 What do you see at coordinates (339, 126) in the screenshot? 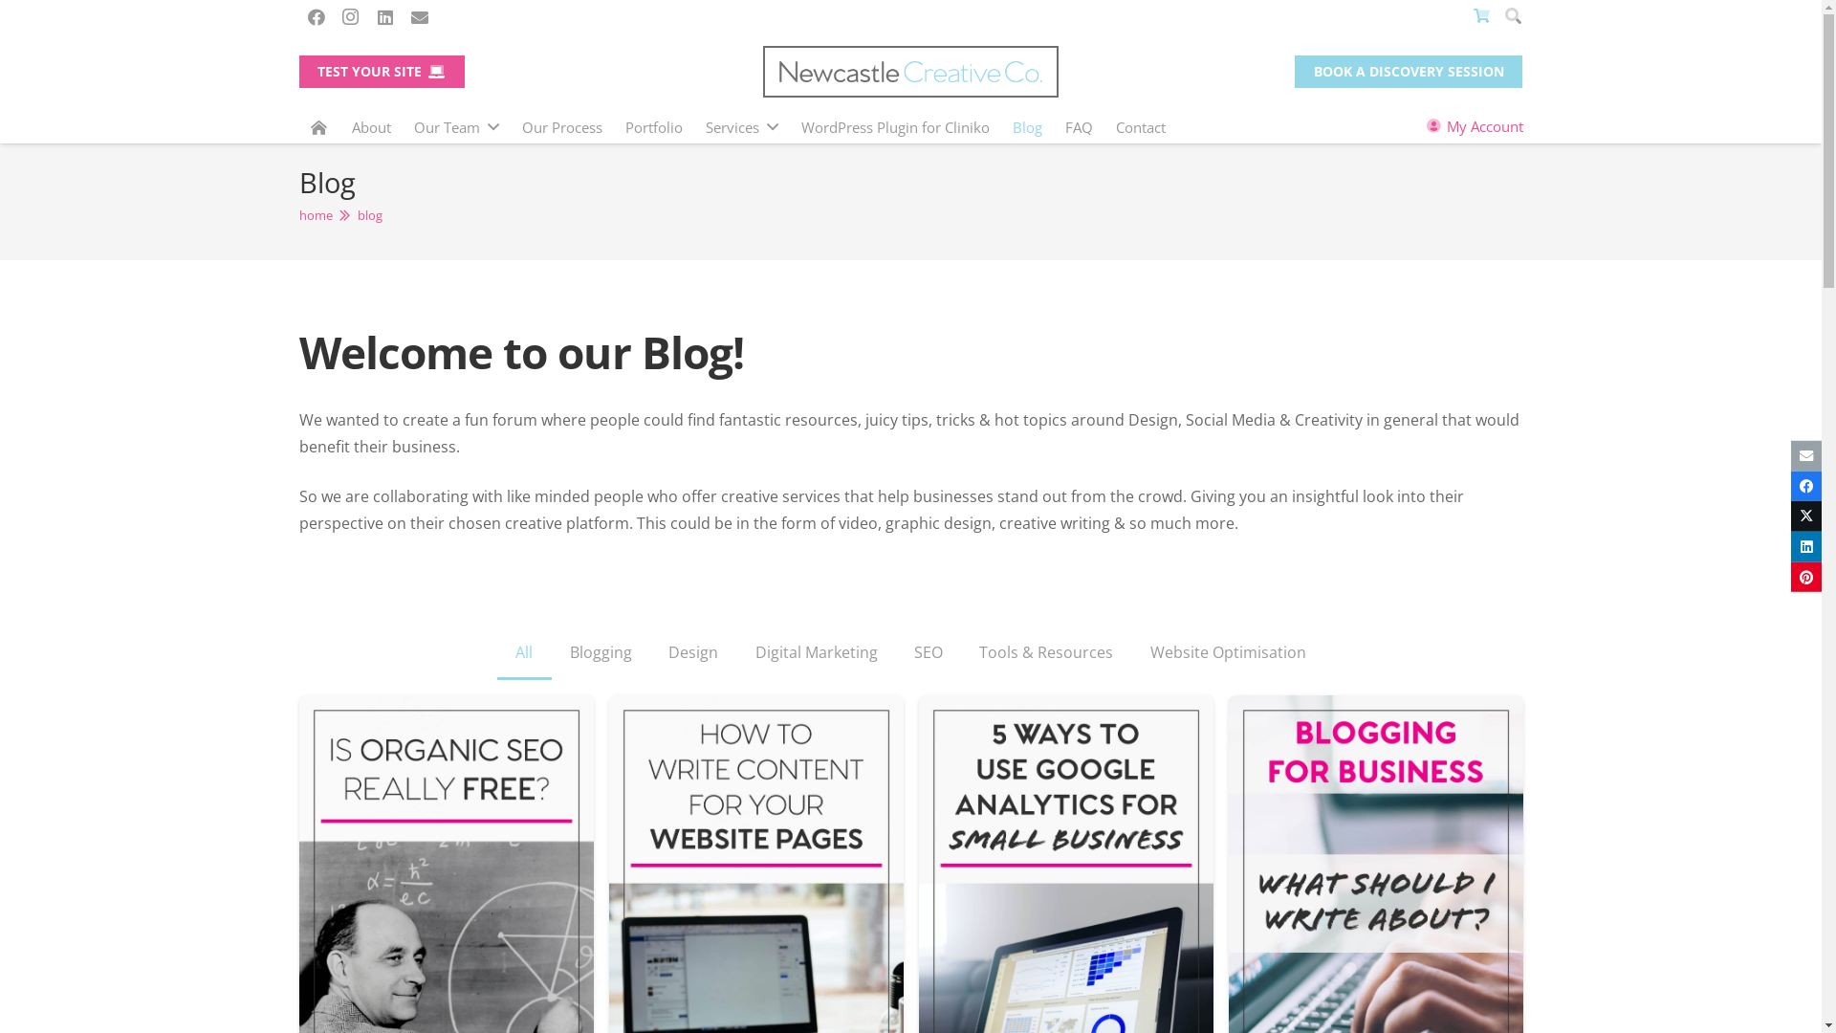
I see `'About'` at bounding box center [339, 126].